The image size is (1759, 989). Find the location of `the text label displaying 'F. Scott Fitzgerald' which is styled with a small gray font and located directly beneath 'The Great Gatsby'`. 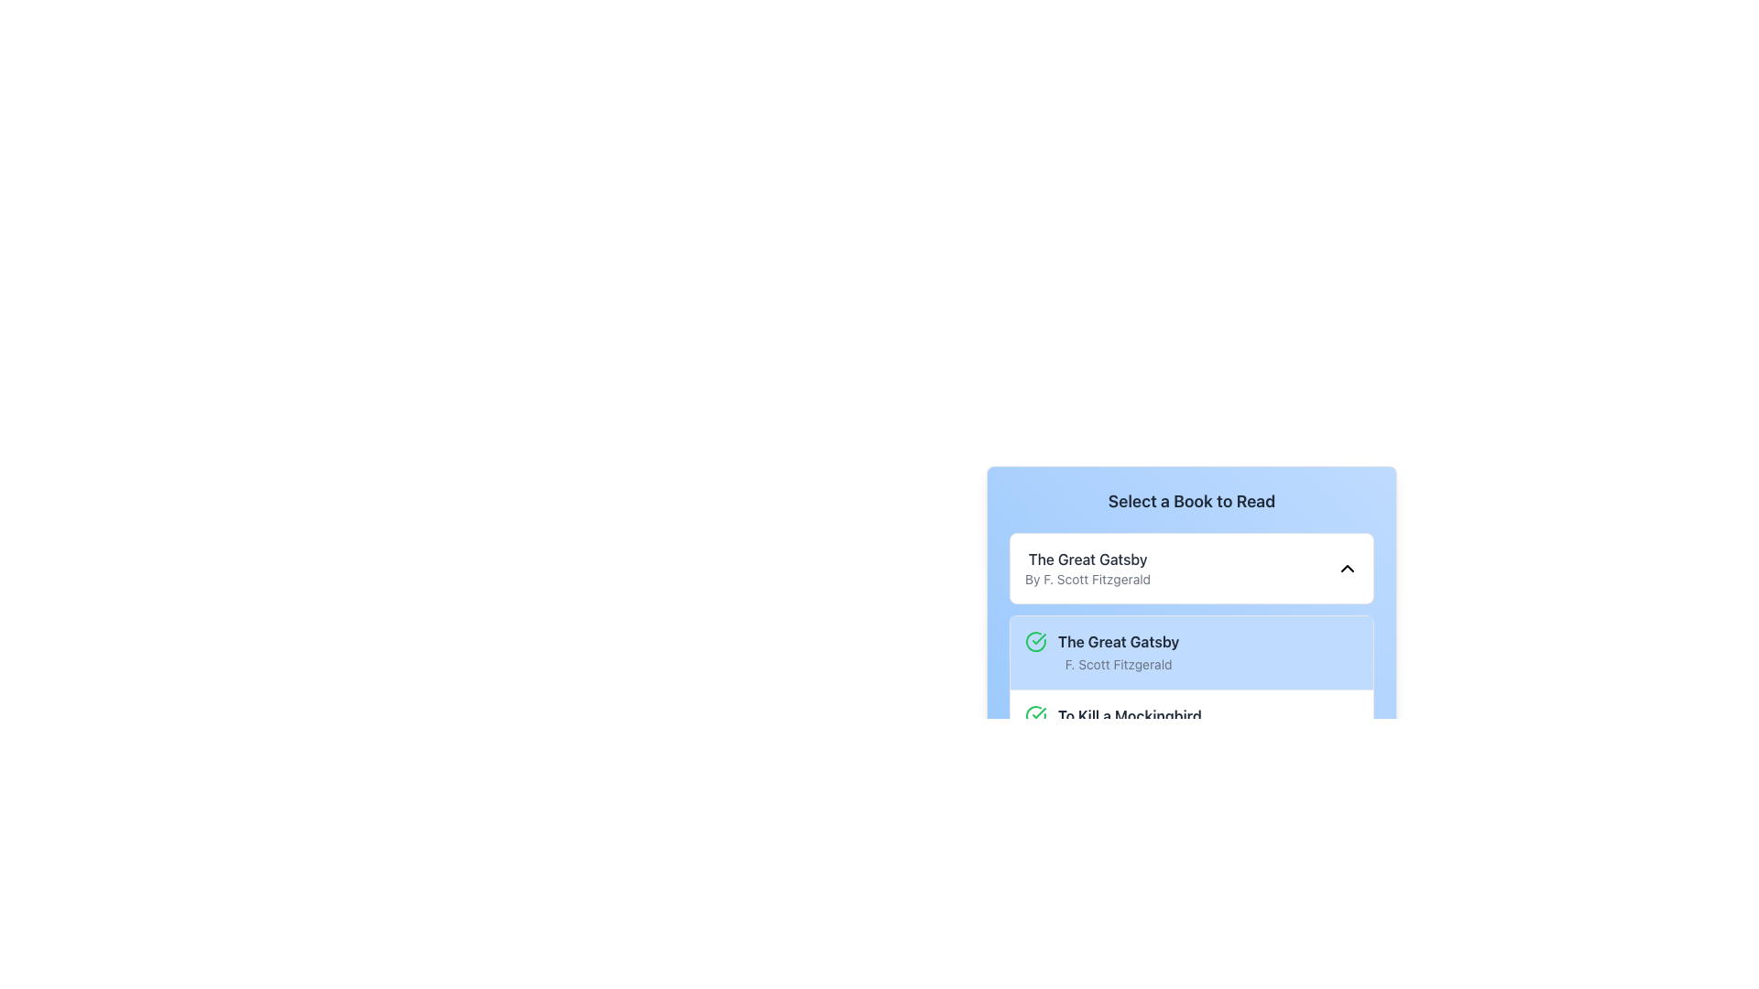

the text label displaying 'F. Scott Fitzgerald' which is styled with a small gray font and located directly beneath 'The Great Gatsby' is located at coordinates (1118, 664).